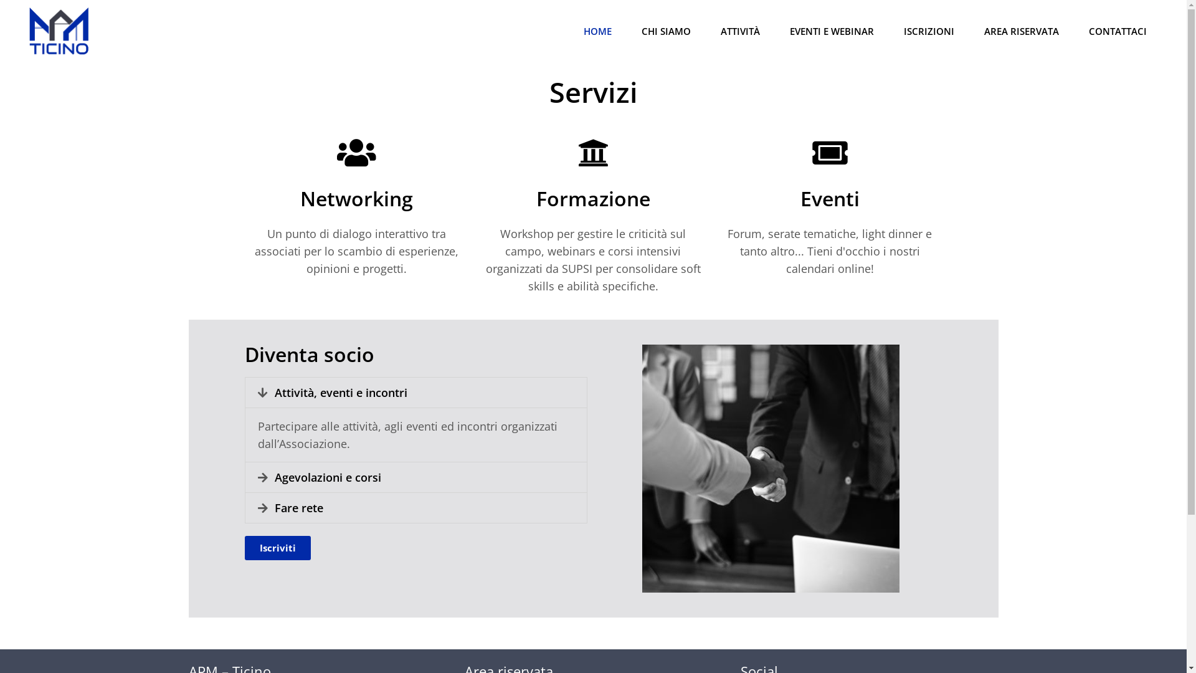 The height and width of the screenshot is (673, 1196). Describe the element at coordinates (277, 547) in the screenshot. I see `'Iscriviti'` at that location.